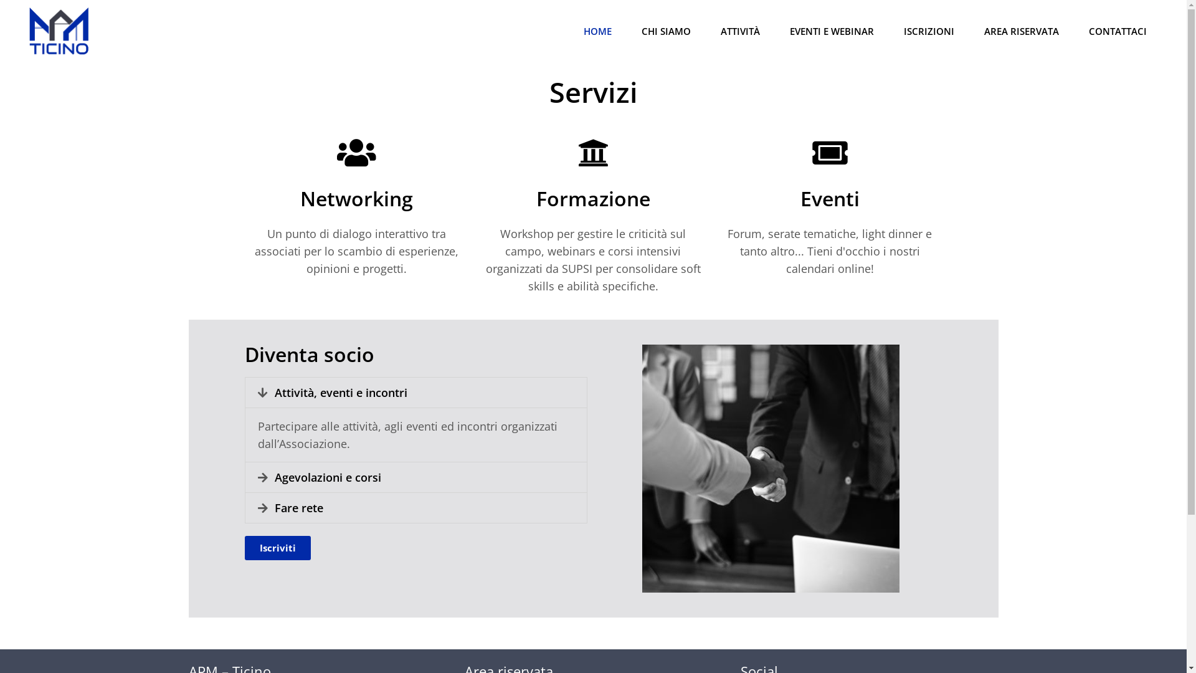 The height and width of the screenshot is (673, 1196). Describe the element at coordinates (277, 547) in the screenshot. I see `'Iscriviti'` at that location.